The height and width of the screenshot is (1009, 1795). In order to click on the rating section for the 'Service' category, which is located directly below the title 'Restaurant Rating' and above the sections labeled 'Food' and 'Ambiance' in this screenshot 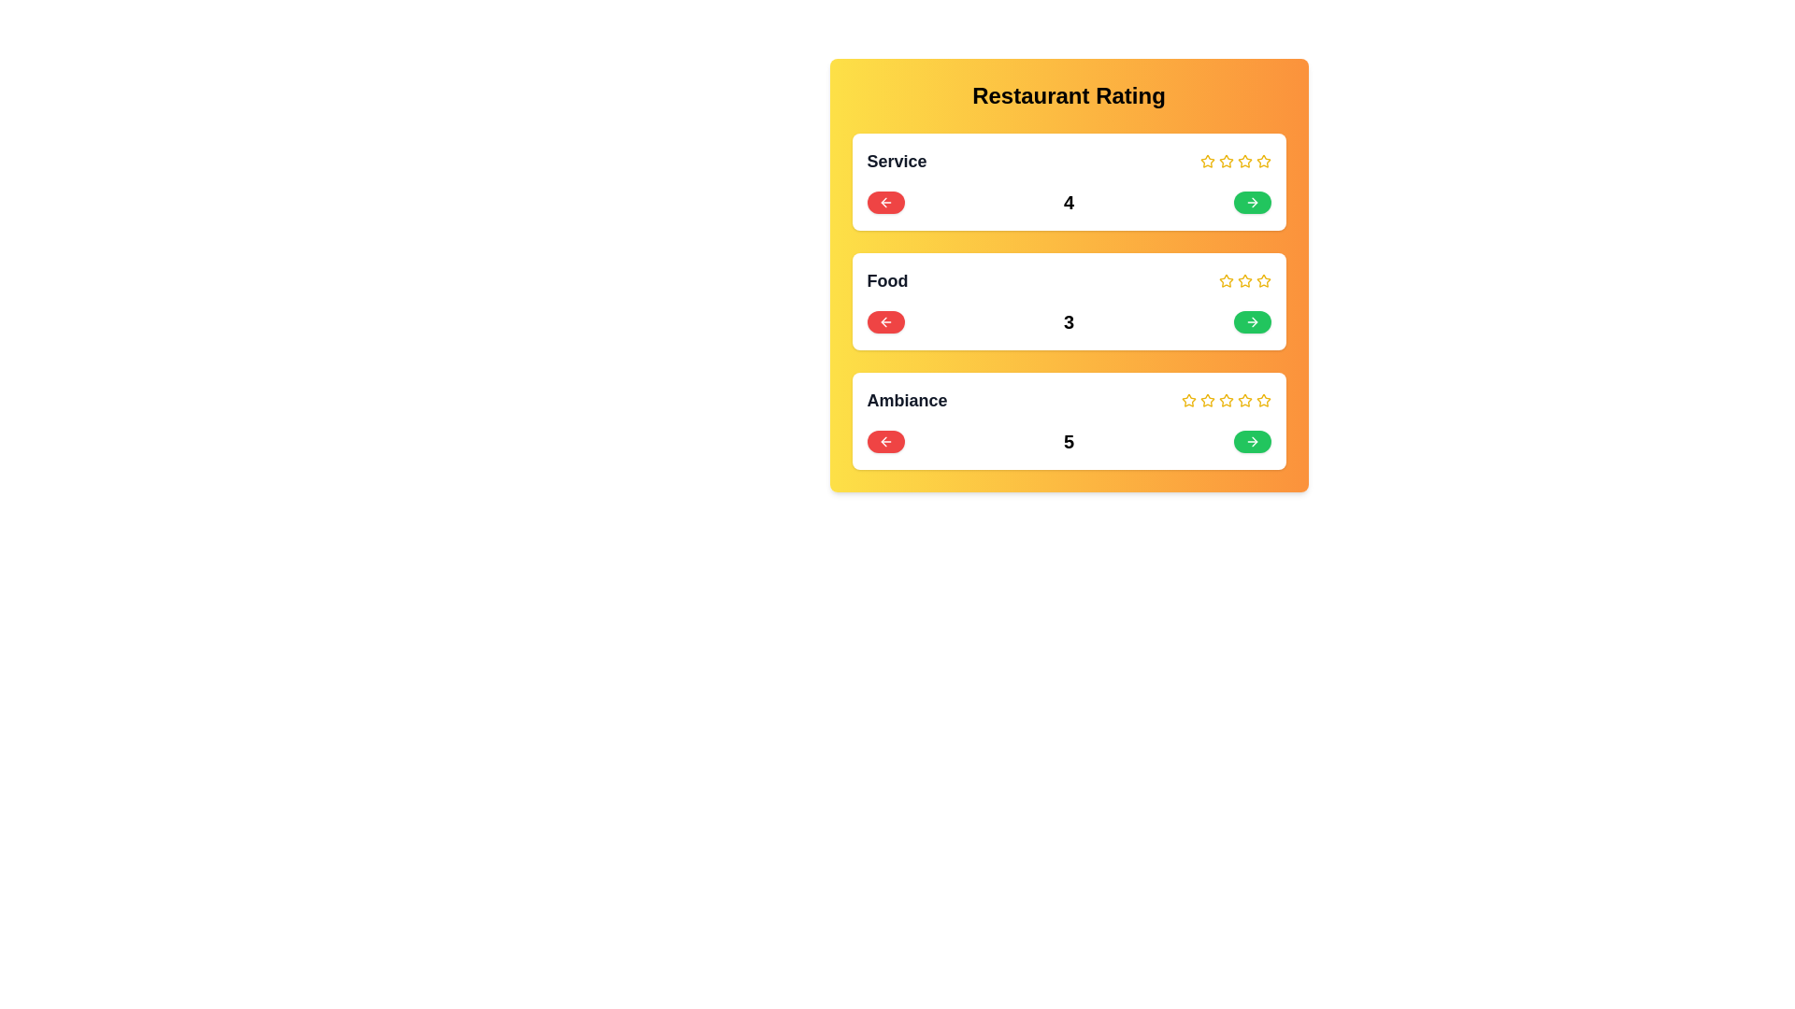, I will do `click(1069, 182)`.